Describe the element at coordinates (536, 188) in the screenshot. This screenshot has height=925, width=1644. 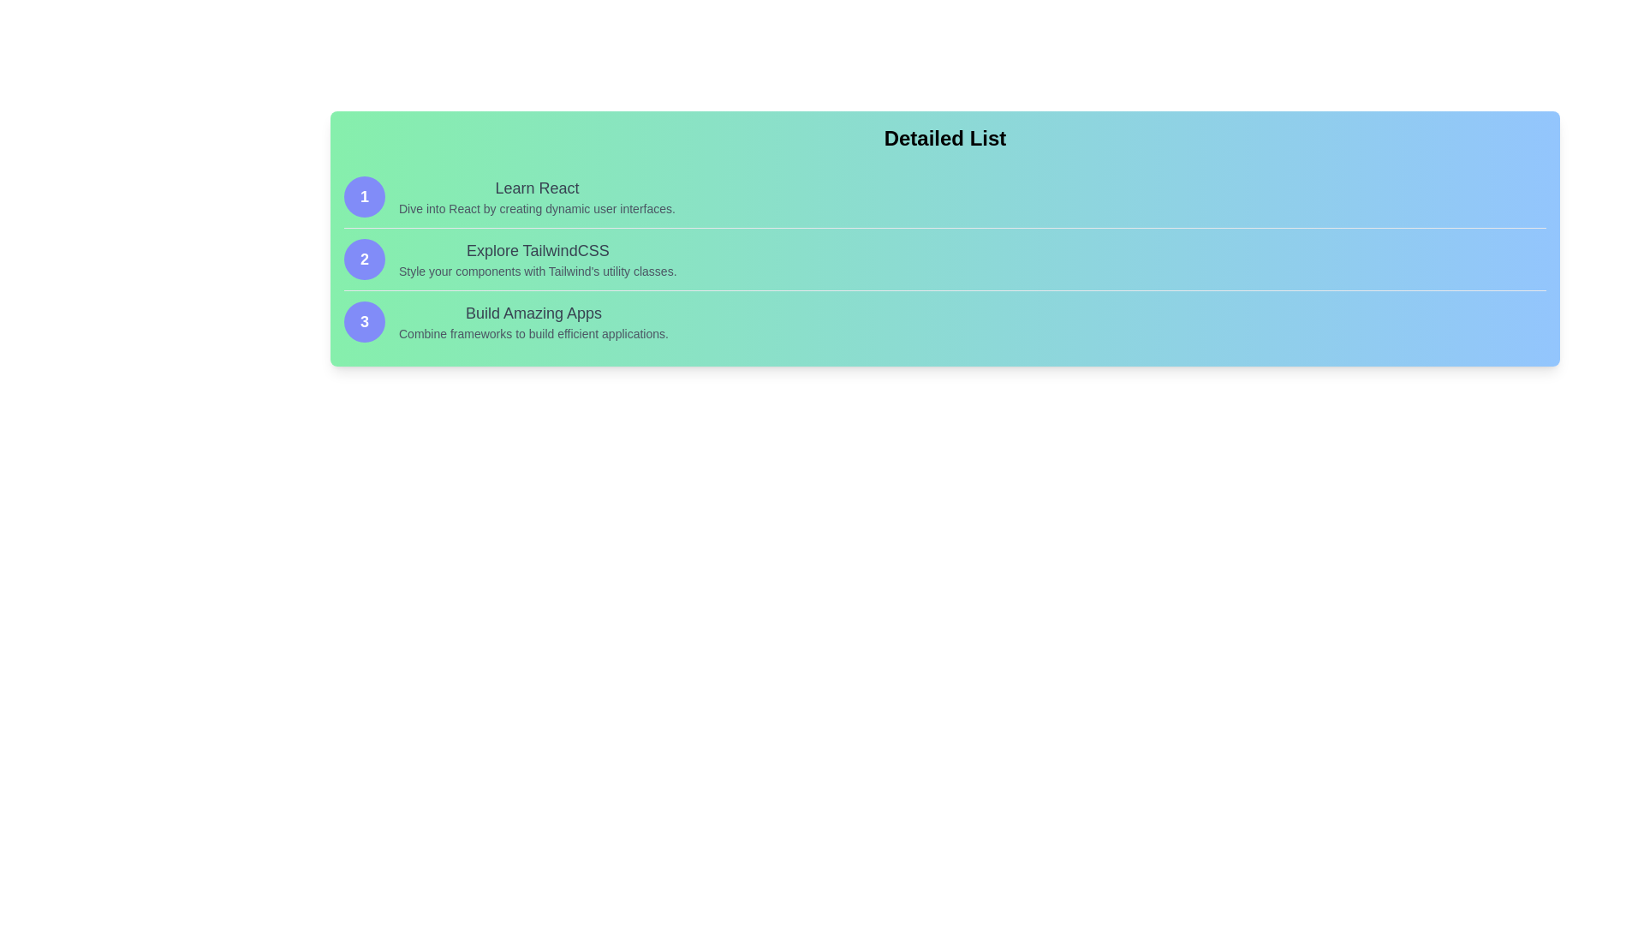
I see `the text element that displays 'Learn React', which is styled in bold and dark gray, located at the top of a list structure` at that location.